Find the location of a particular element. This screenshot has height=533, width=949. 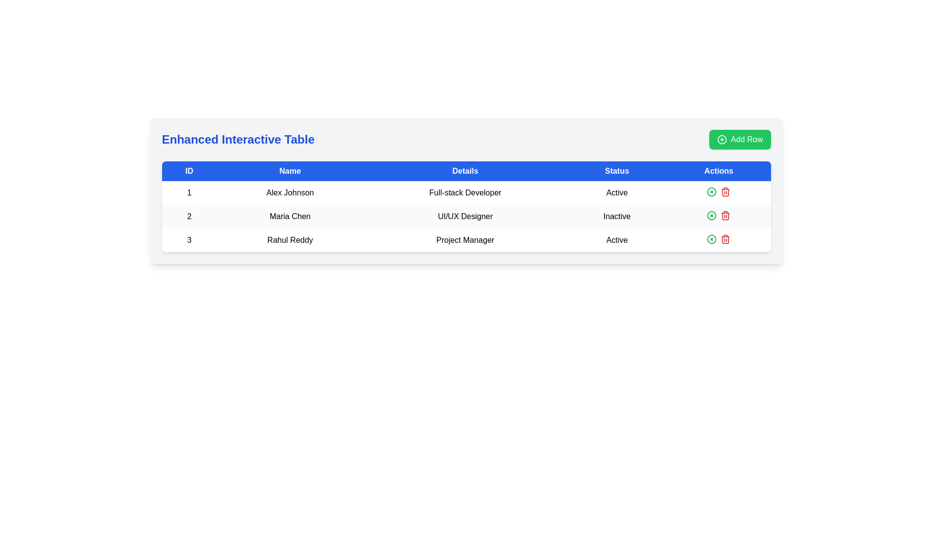

the header cell indicating 'Details' in the table, which is the third cell from the left in the header row is located at coordinates (465, 171).